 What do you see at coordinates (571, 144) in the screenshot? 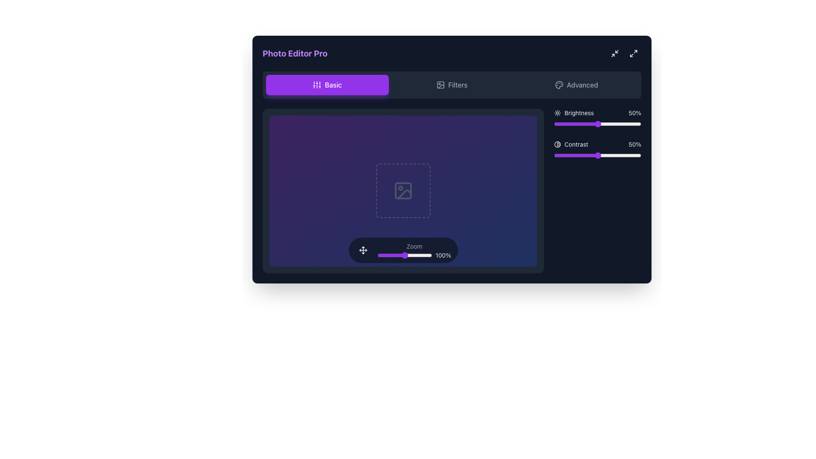
I see `'Contrast' static label with an informational icon, which is positioned below the 'Brightness' control on the right panel` at bounding box center [571, 144].